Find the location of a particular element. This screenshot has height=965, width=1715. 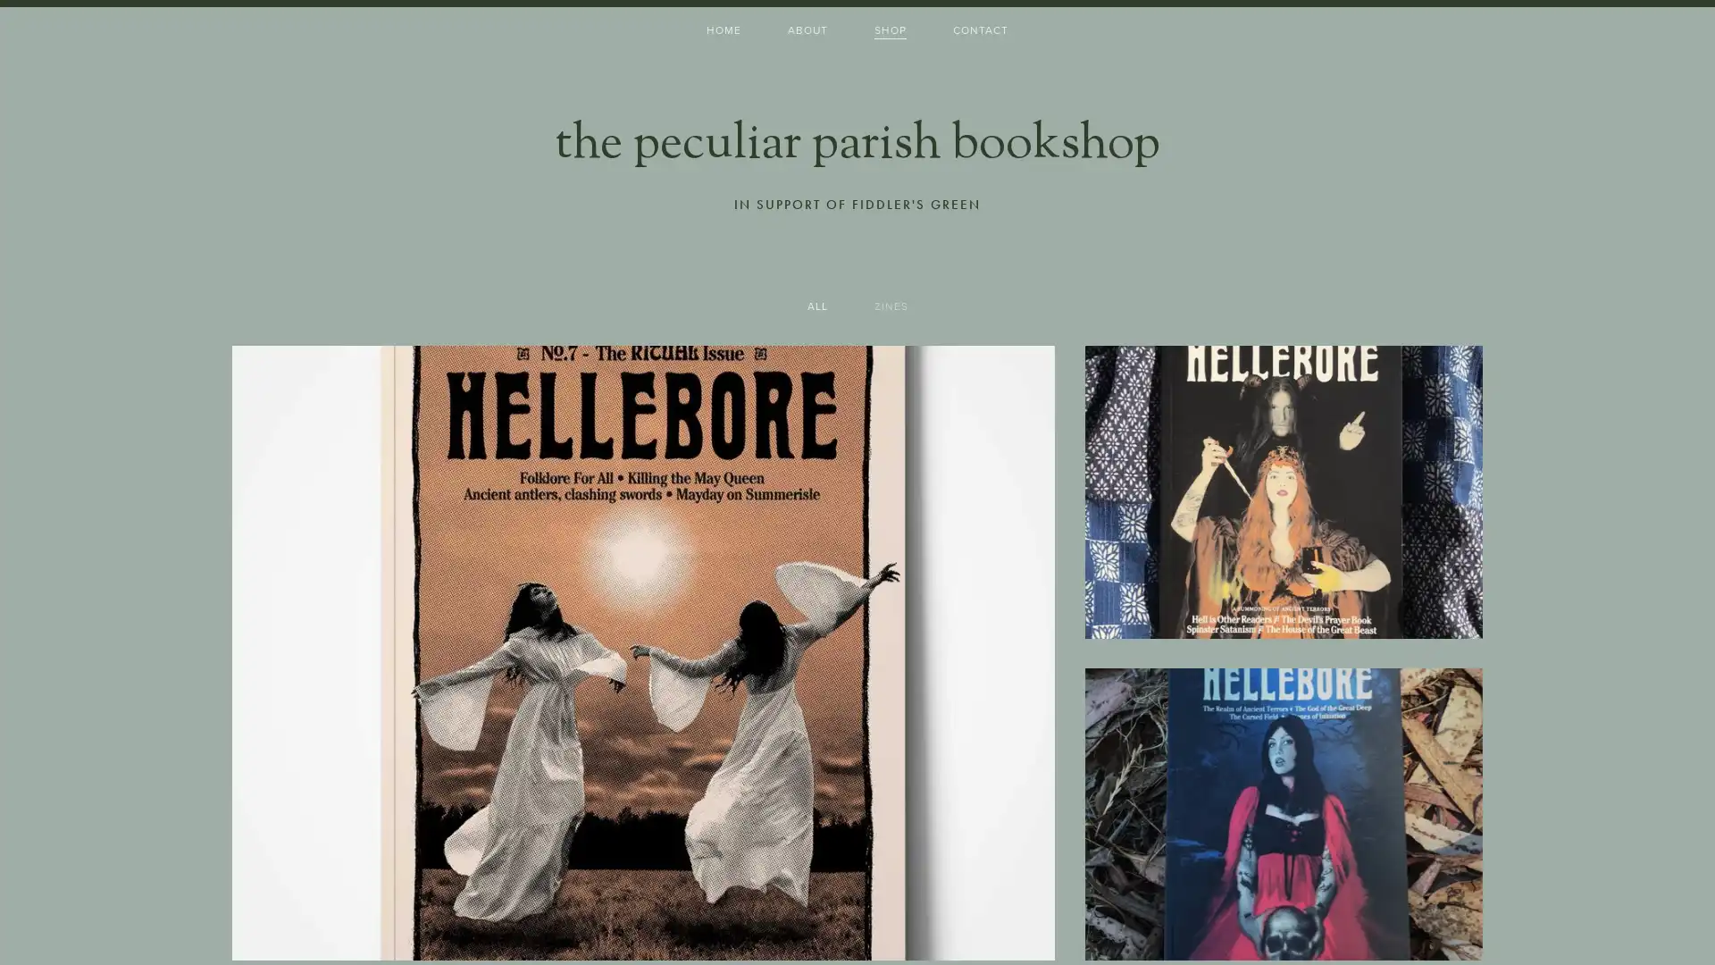

QUICK VIEW is located at coordinates (1282, 600).